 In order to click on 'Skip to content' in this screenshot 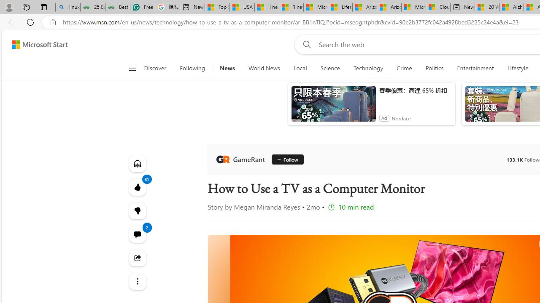, I will do `click(36, 44)`.